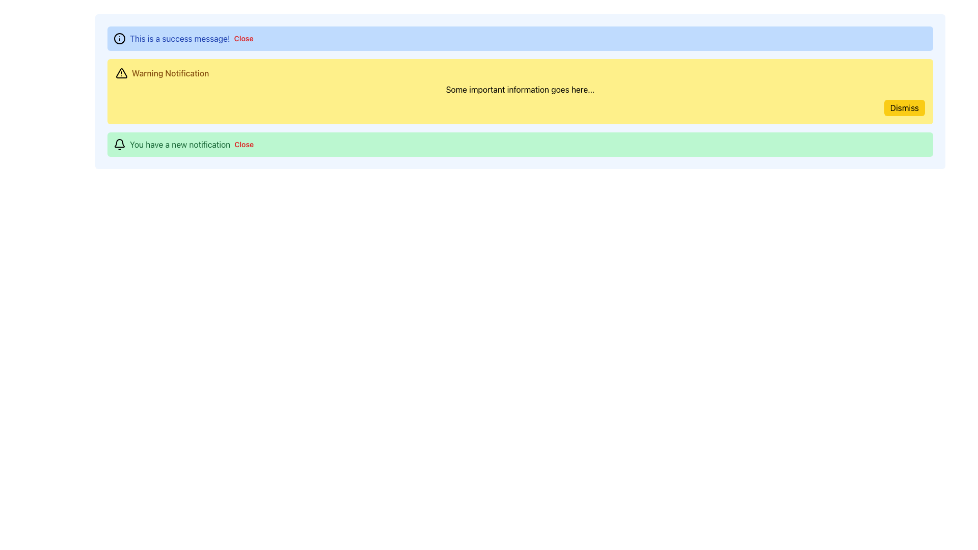 This screenshot has width=978, height=550. I want to click on the Circle element within the SVG icon, which is part of the notification bar indicating a success message, located to the left of the text, so click(120, 38).